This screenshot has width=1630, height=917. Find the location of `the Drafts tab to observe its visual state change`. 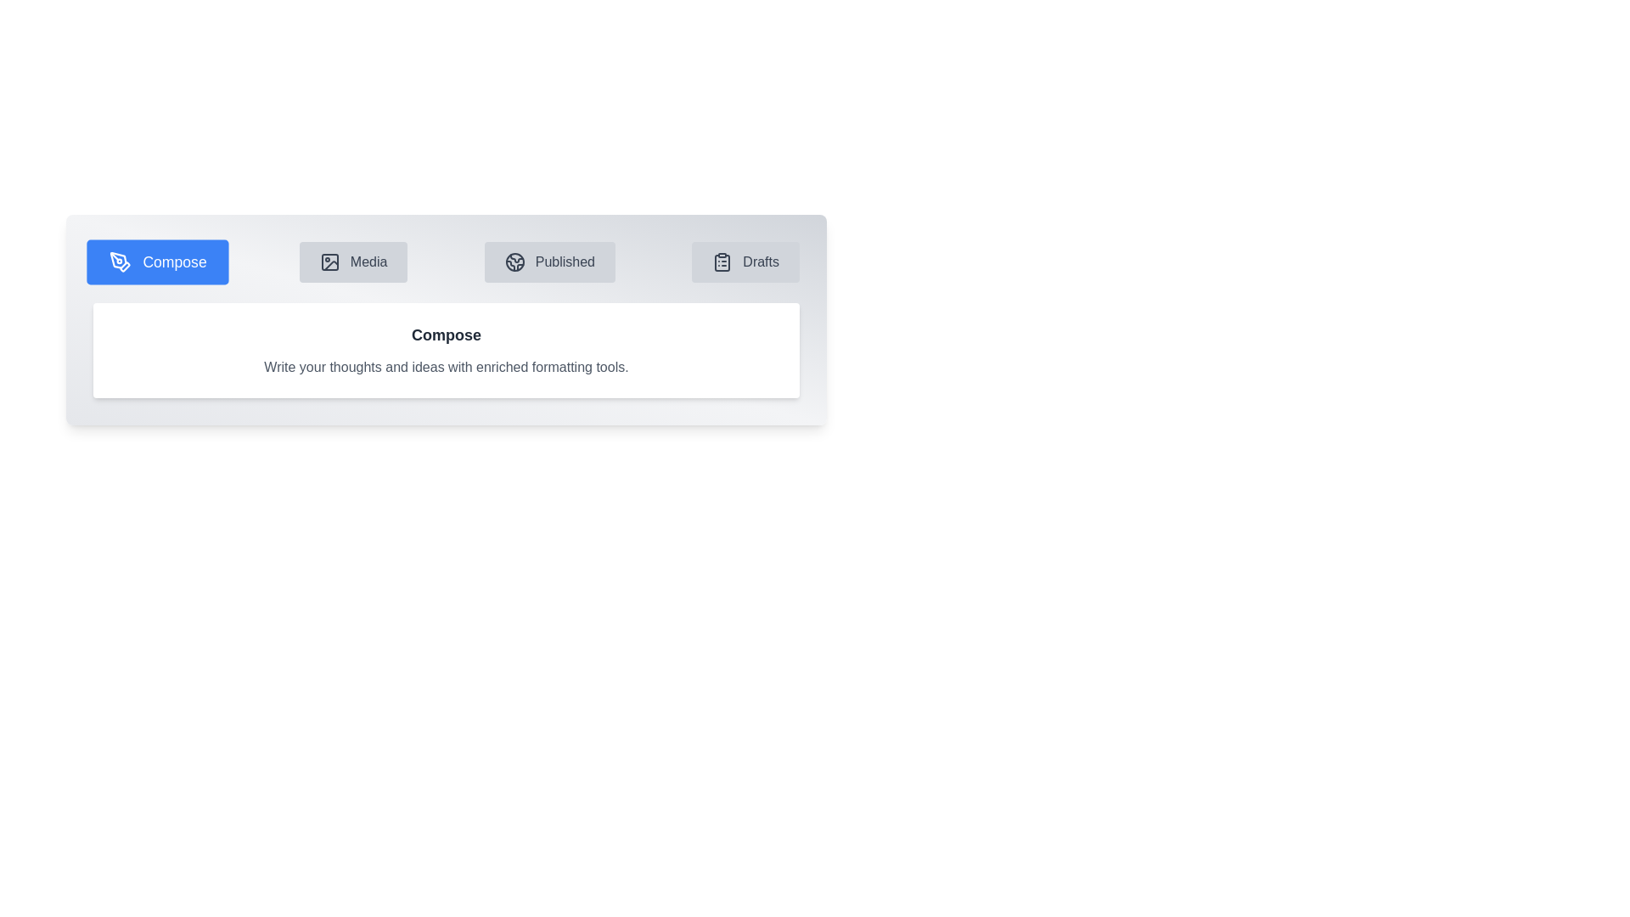

the Drafts tab to observe its visual state change is located at coordinates (745, 262).